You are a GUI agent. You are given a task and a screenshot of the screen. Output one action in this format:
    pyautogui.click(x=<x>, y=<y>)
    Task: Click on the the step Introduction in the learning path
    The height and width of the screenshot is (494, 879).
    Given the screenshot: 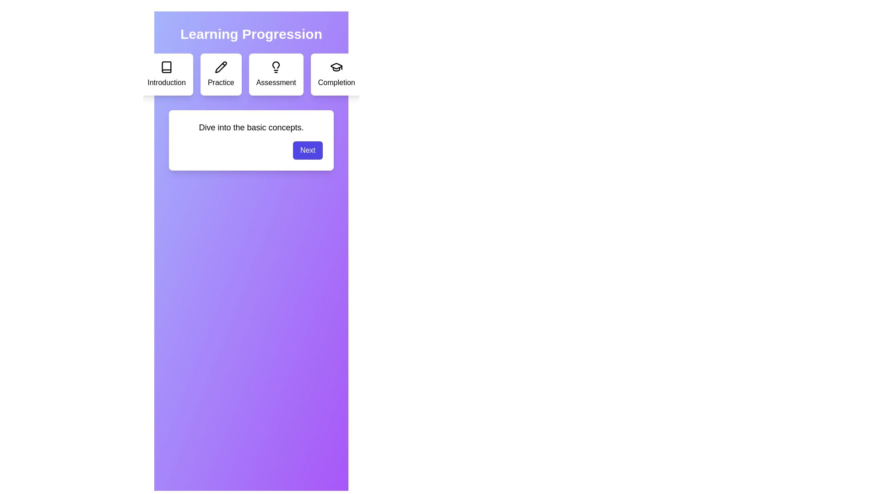 What is the action you would take?
    pyautogui.click(x=167, y=74)
    